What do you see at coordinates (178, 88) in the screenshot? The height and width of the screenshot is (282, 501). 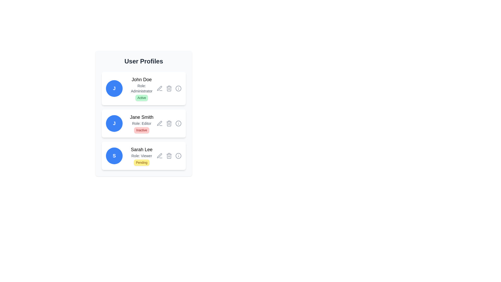 I see `the fourth circular Icon Button that changes color from gray to green when hovered, located in the uppermost profile section next to the profile name 'John Doe'` at bounding box center [178, 88].